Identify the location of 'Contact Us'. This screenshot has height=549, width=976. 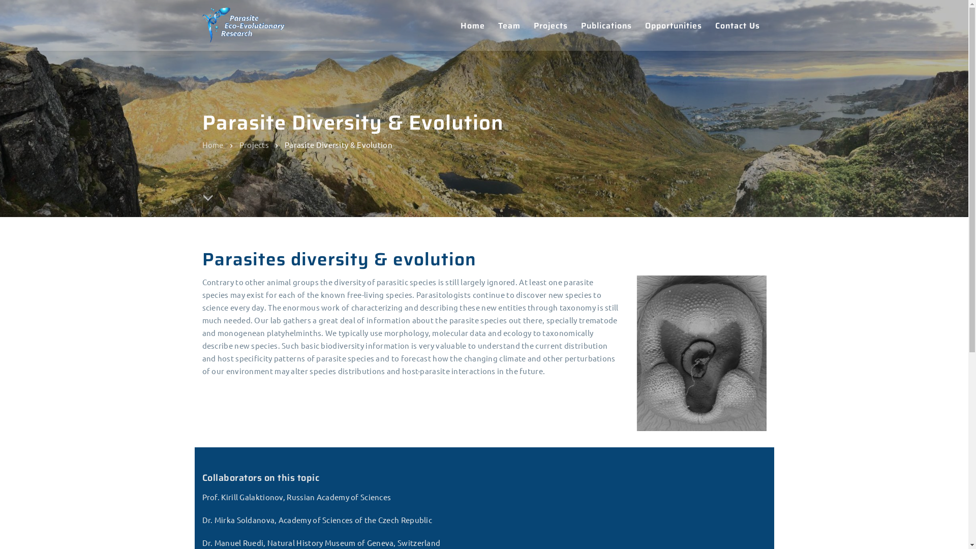
(737, 25).